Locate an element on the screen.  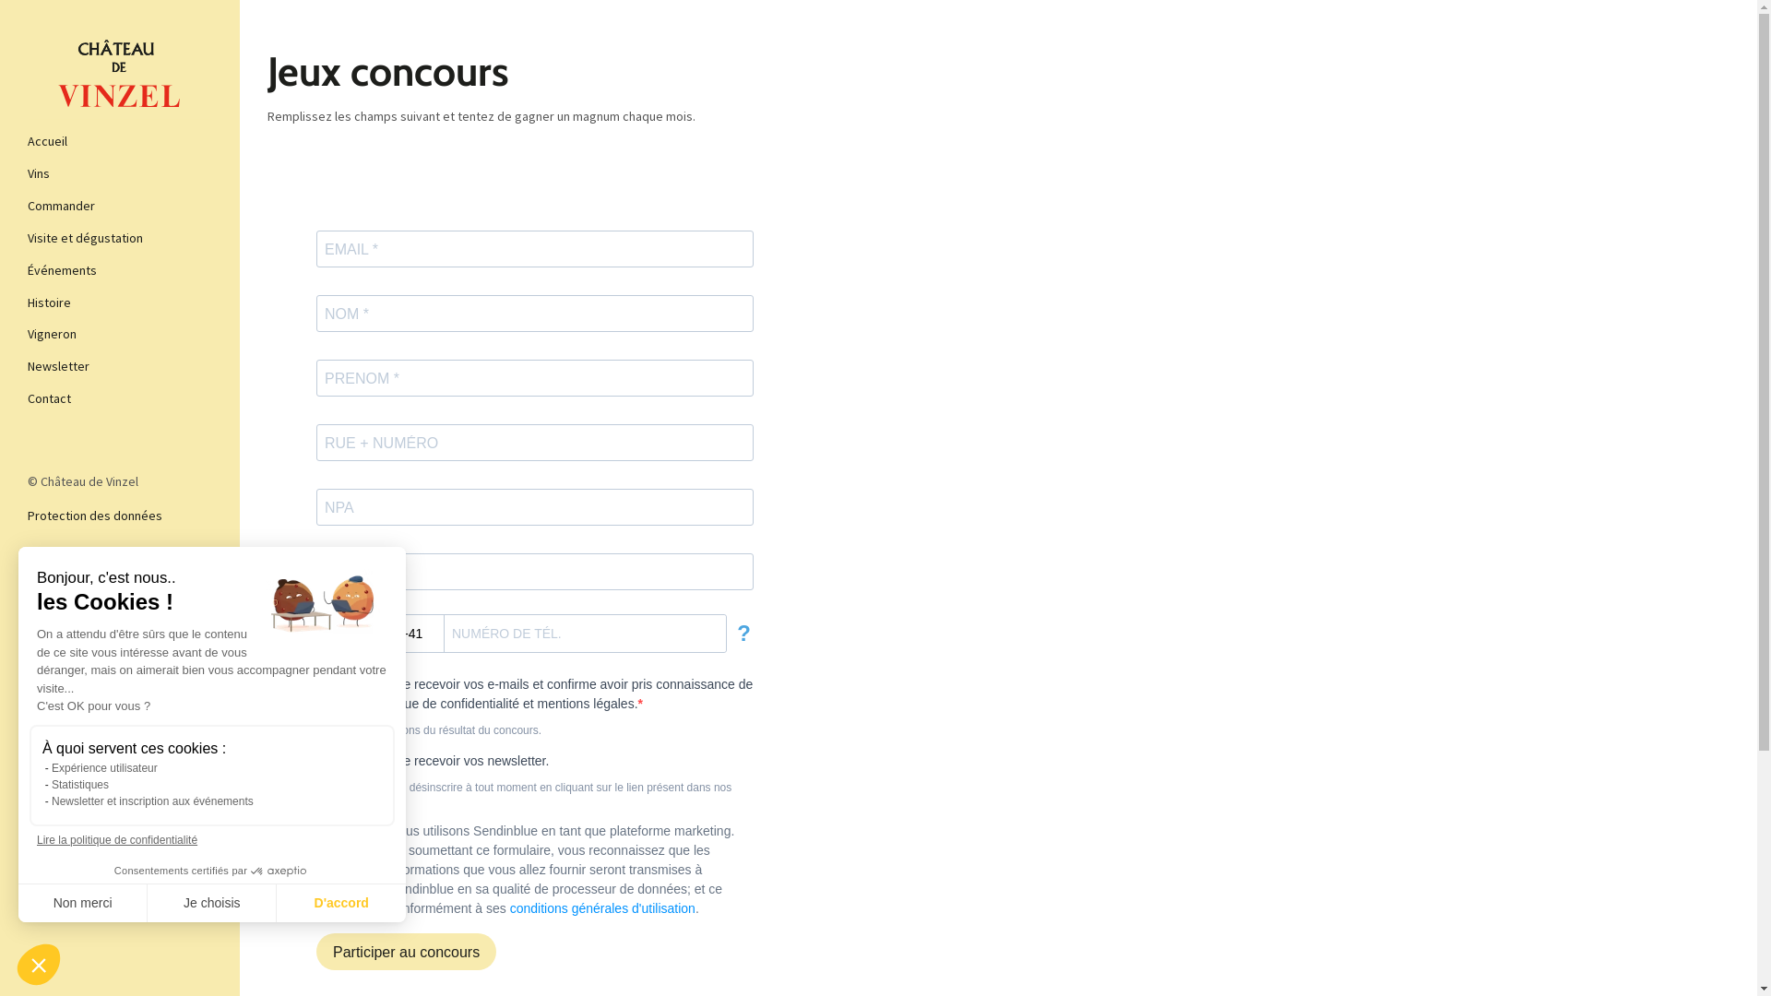
'Vins' is located at coordinates (27, 173).